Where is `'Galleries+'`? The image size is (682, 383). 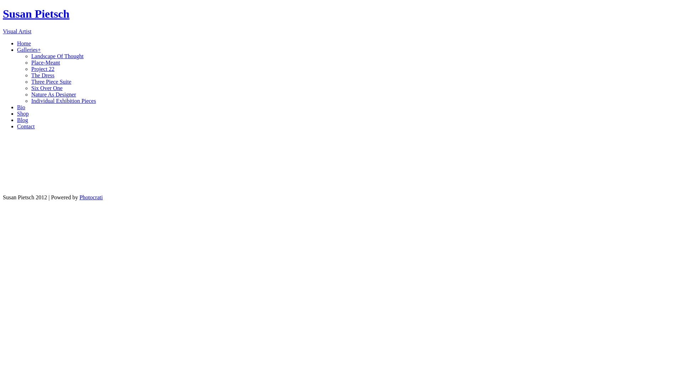 'Galleries+' is located at coordinates (28, 49).